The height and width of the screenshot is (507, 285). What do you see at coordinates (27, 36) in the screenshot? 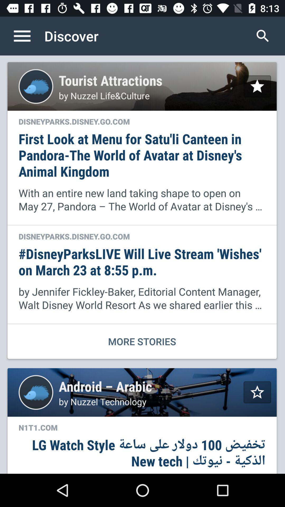
I see `app options` at bounding box center [27, 36].